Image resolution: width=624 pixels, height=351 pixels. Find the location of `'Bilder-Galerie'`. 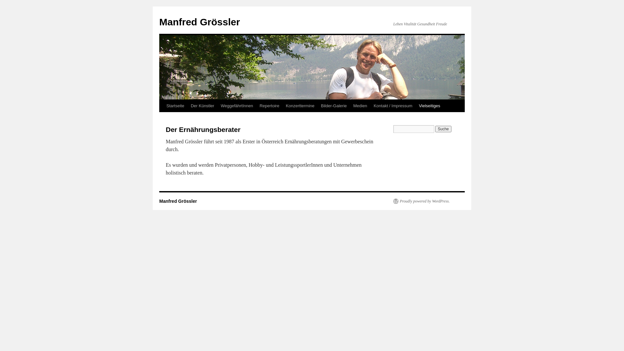

'Bilder-Galerie' is located at coordinates (334, 106).